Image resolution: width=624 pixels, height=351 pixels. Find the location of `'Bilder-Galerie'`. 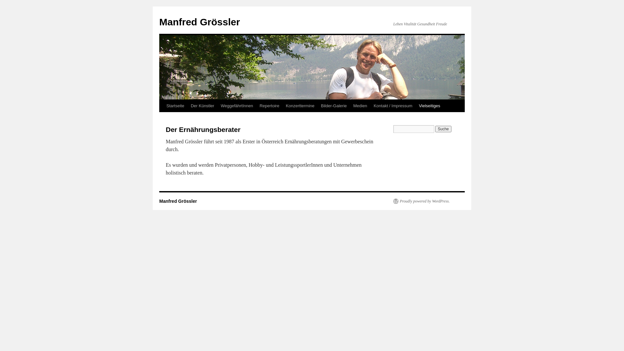

'Bilder-Galerie' is located at coordinates (334, 106).